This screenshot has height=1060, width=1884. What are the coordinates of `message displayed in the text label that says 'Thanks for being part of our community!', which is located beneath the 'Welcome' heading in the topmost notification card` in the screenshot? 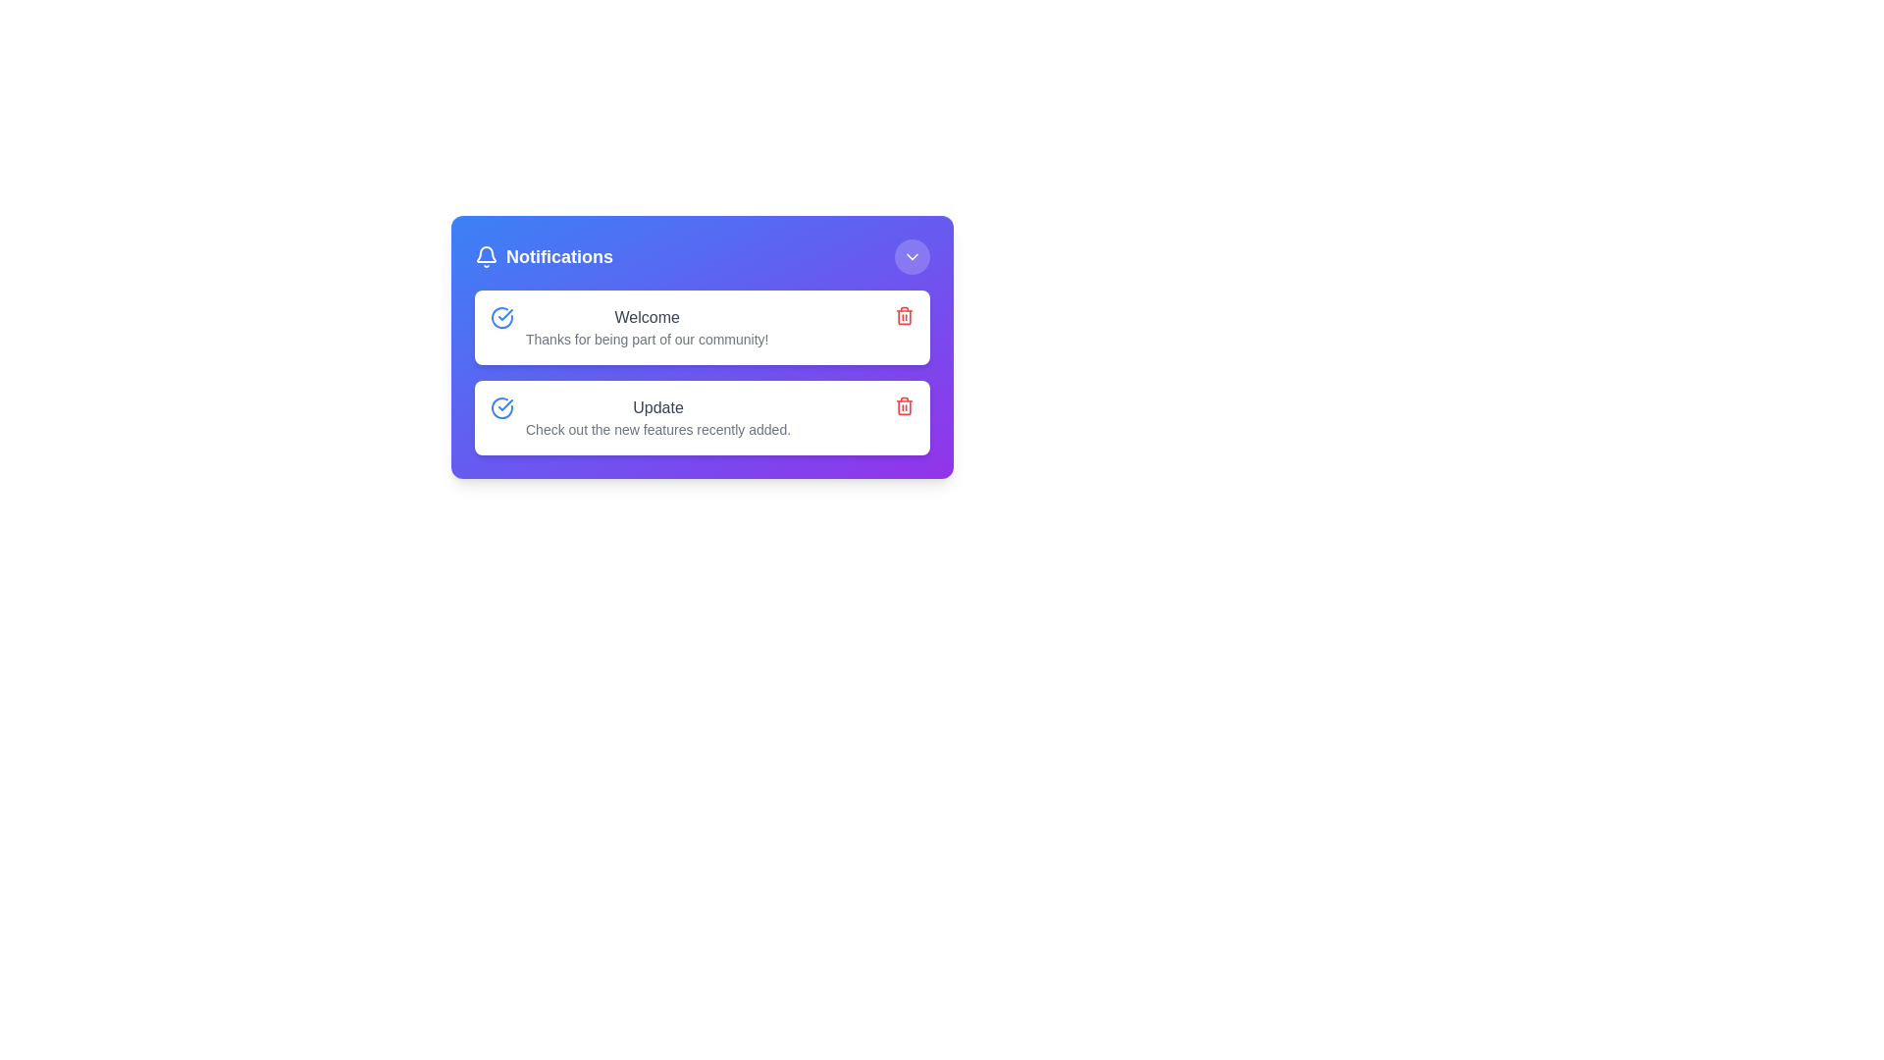 It's located at (647, 339).